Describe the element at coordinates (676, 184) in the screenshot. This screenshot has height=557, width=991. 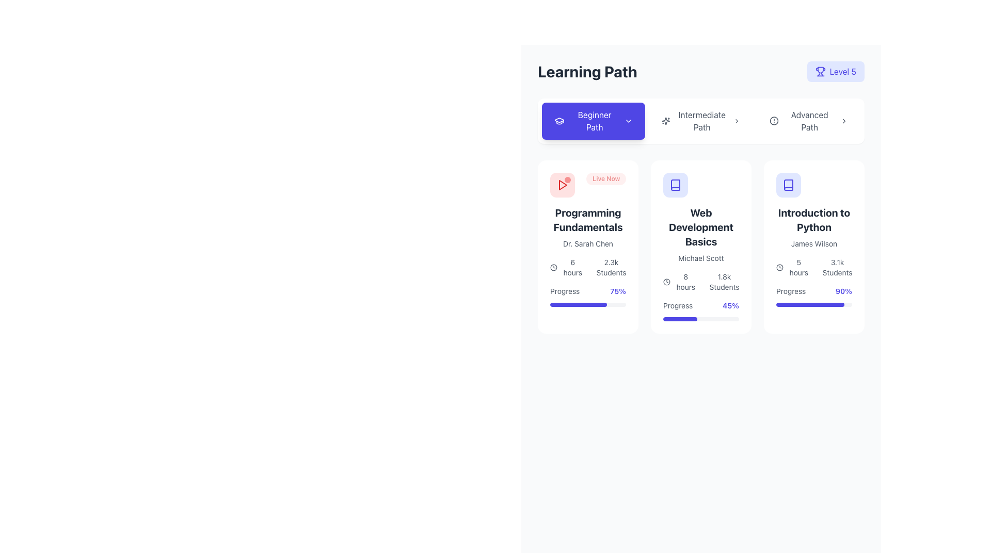
I see `the circular icon with a light indigo background and a white book symbol located at the center of the 'Web Development Basics' card, above the title text` at that location.